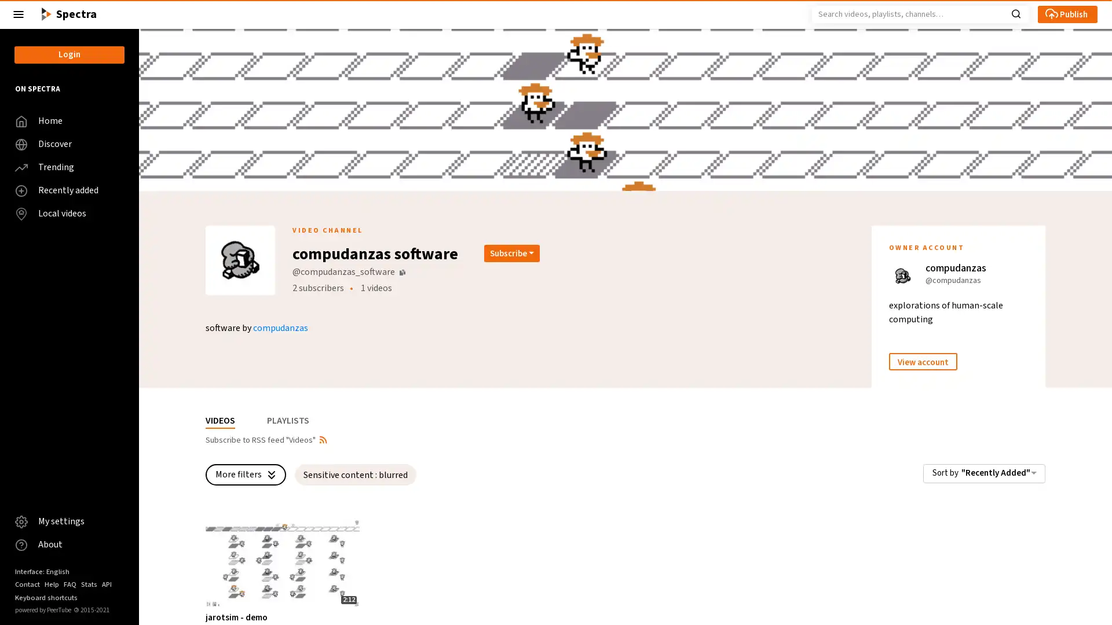  I want to click on More filters, so click(245, 475).